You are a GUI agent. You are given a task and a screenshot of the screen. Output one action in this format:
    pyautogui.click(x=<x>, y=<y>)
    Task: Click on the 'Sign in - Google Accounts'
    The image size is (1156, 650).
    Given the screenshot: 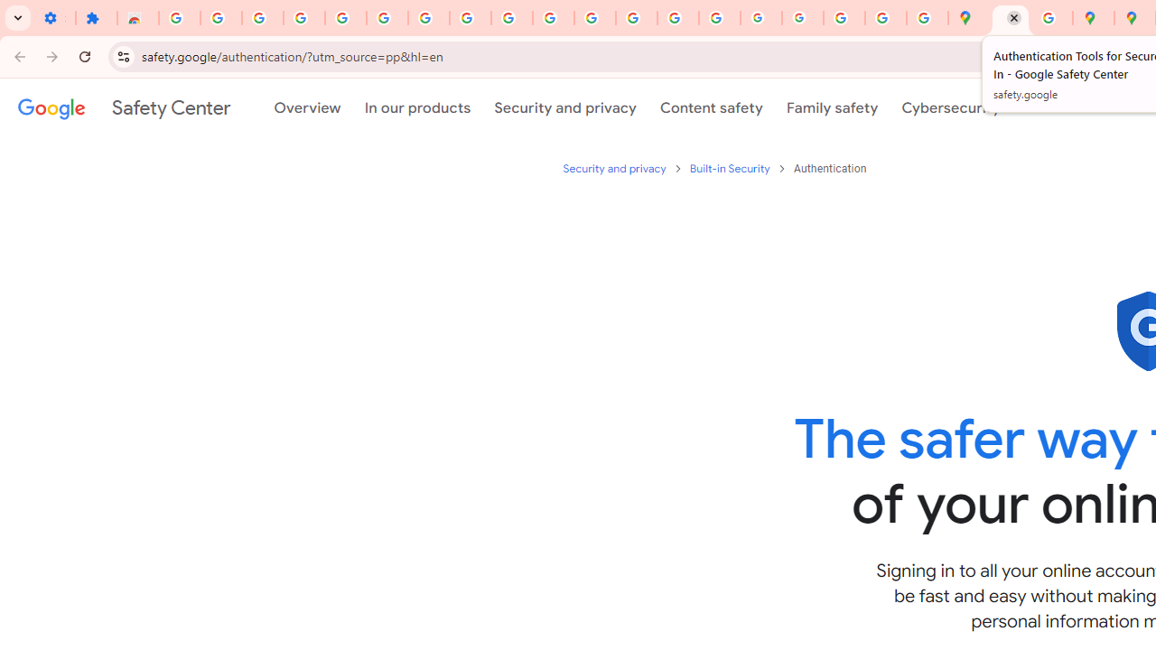 What is the action you would take?
    pyautogui.click(x=179, y=18)
    